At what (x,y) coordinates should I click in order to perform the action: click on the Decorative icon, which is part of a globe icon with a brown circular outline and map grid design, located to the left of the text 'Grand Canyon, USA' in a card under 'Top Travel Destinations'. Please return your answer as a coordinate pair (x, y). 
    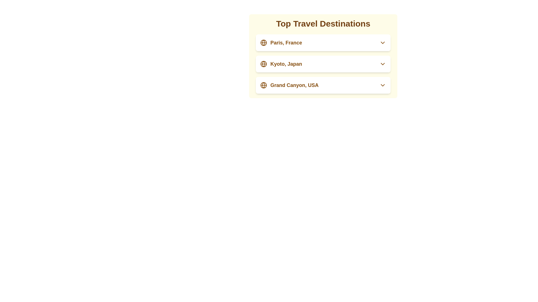
    Looking at the image, I should click on (263, 85).